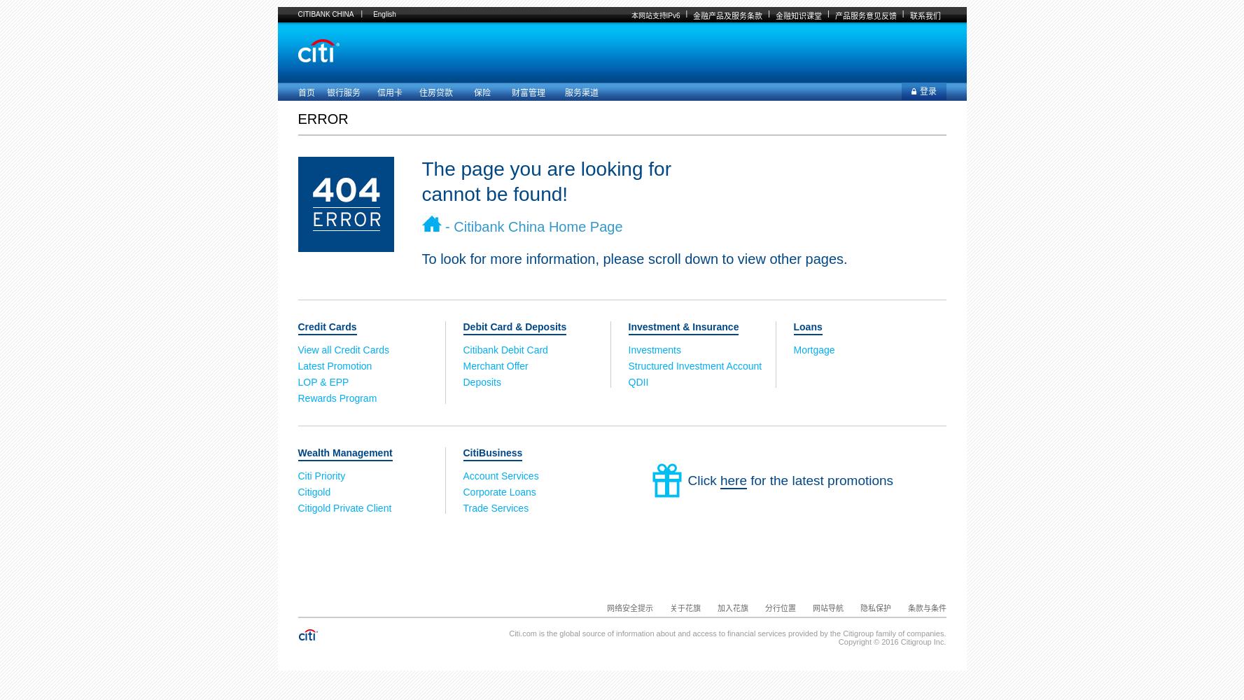  I want to click on 'Structured Investment Account', so click(694, 366).